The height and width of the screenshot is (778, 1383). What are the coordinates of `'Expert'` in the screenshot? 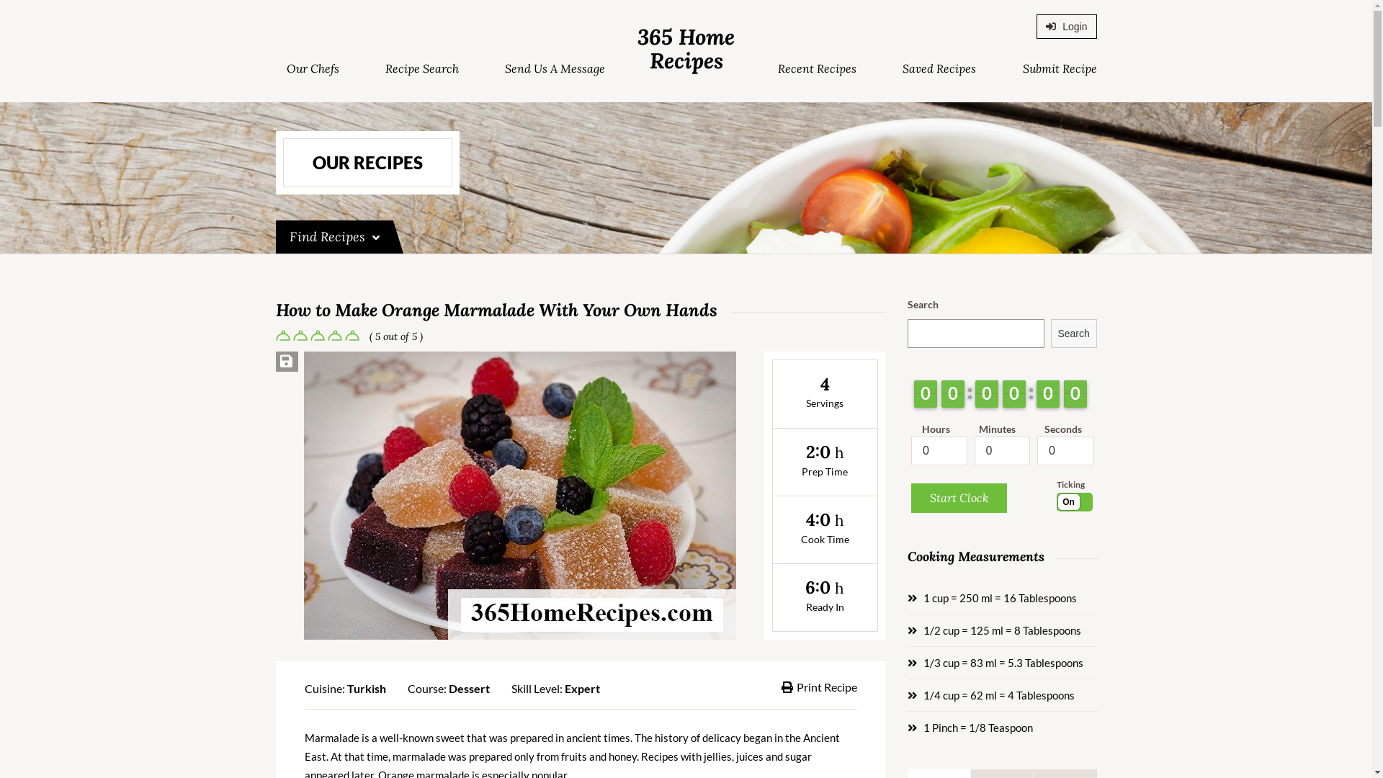 It's located at (582, 687).